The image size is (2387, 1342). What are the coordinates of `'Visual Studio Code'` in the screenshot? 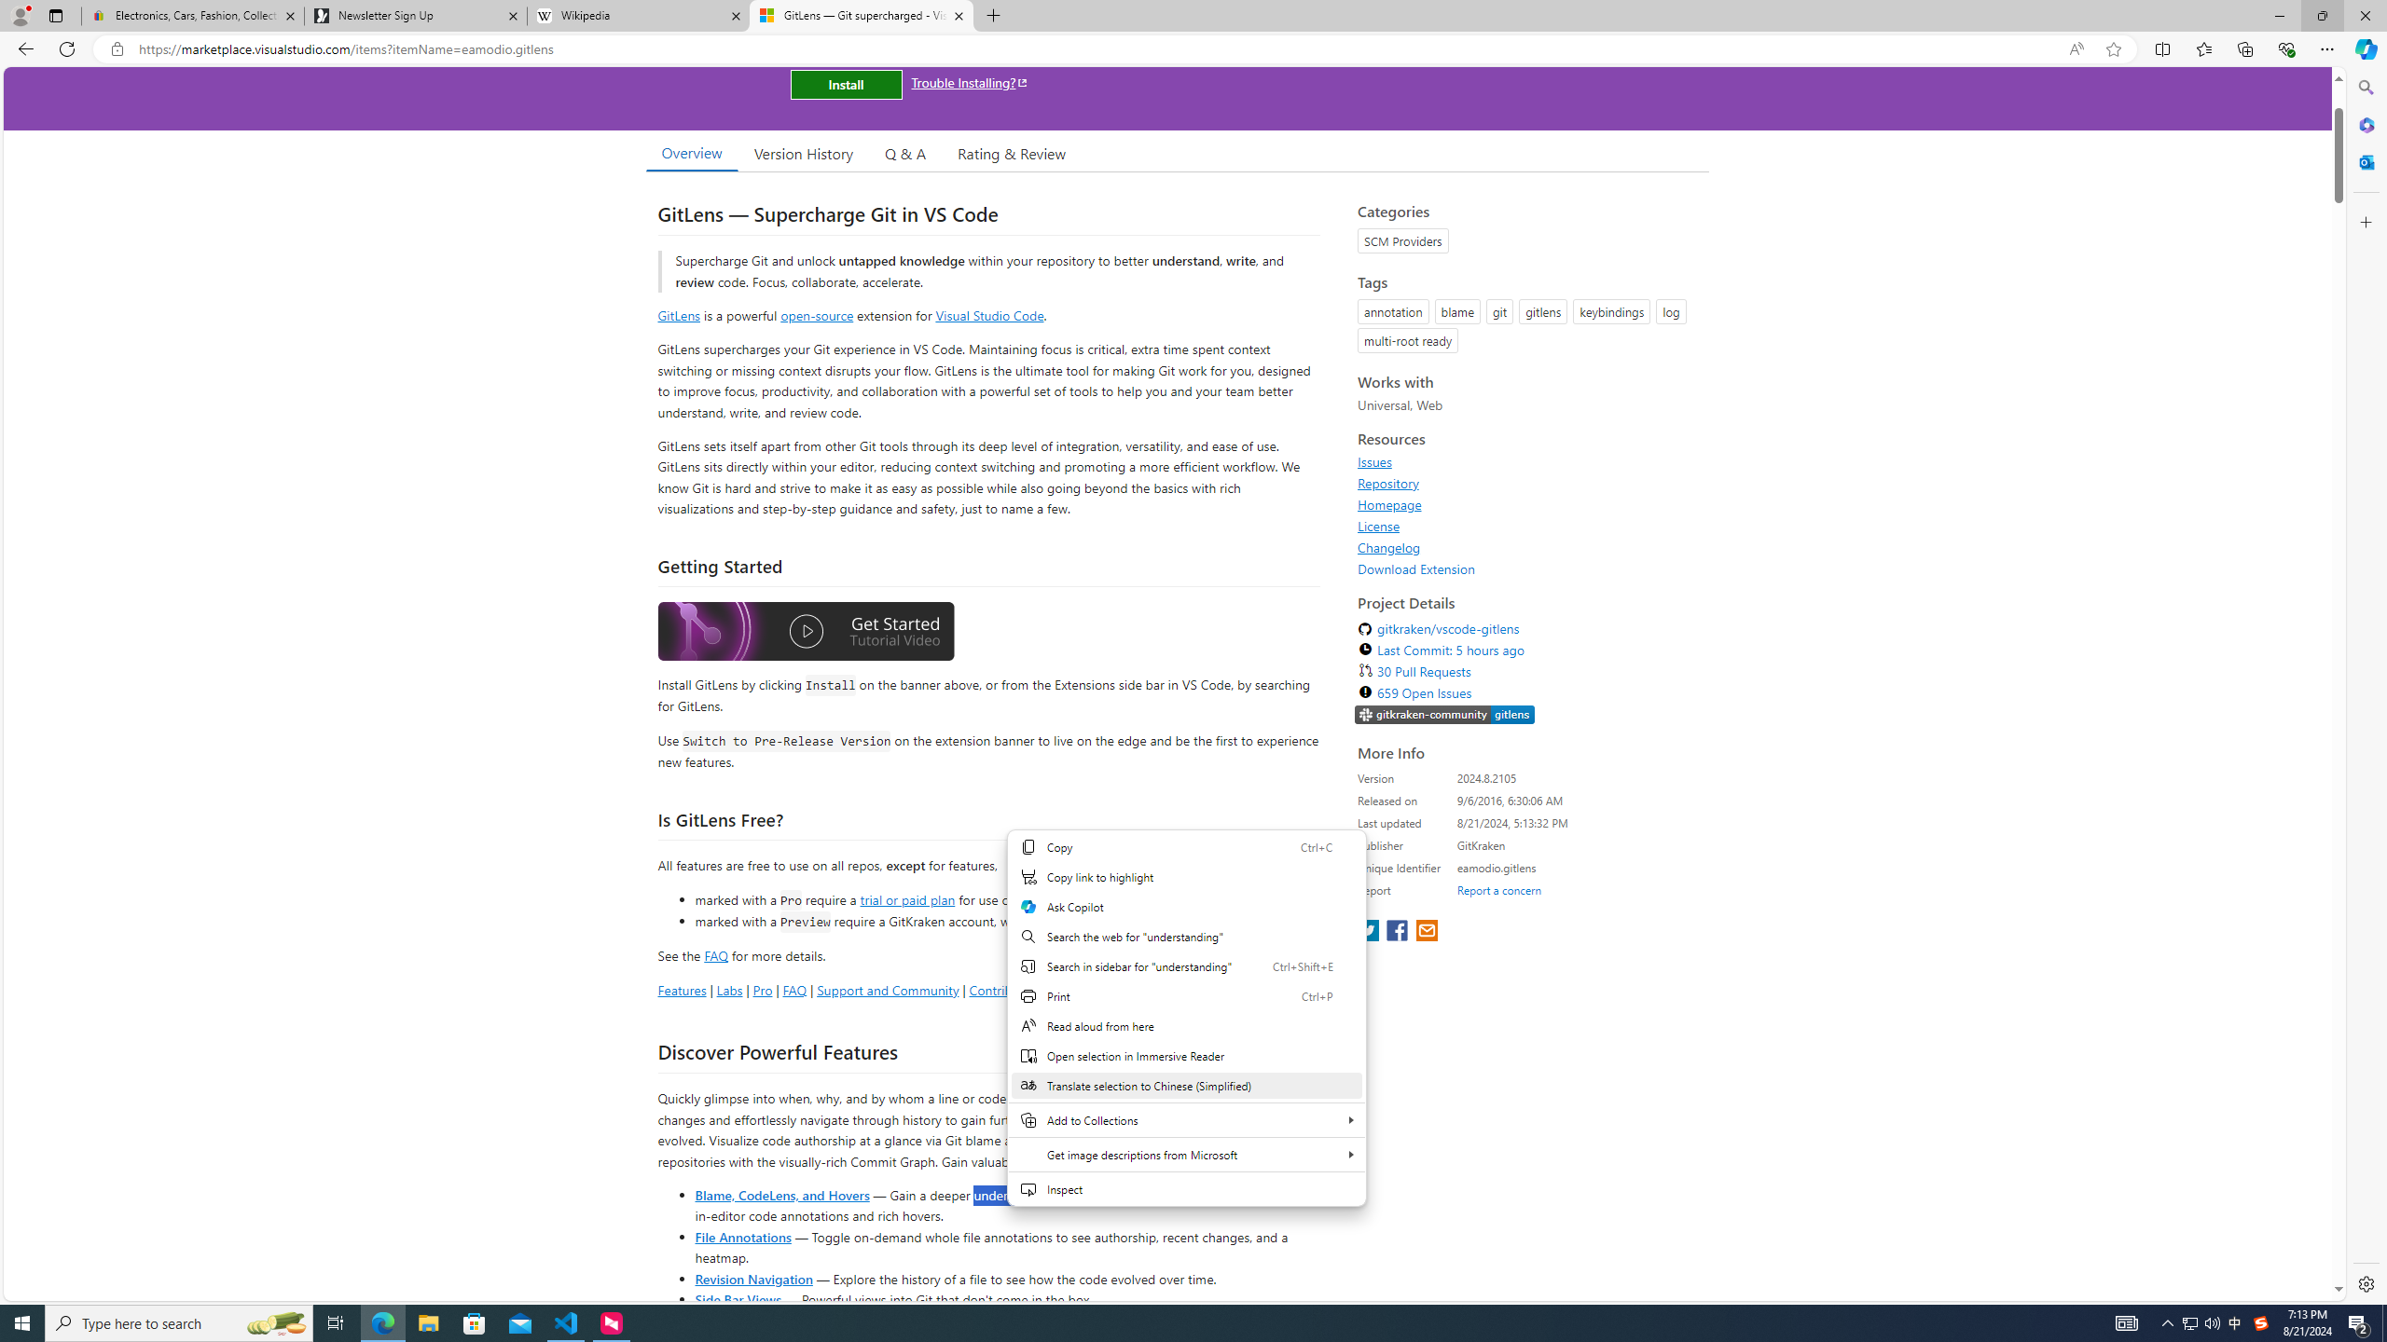 It's located at (989, 314).